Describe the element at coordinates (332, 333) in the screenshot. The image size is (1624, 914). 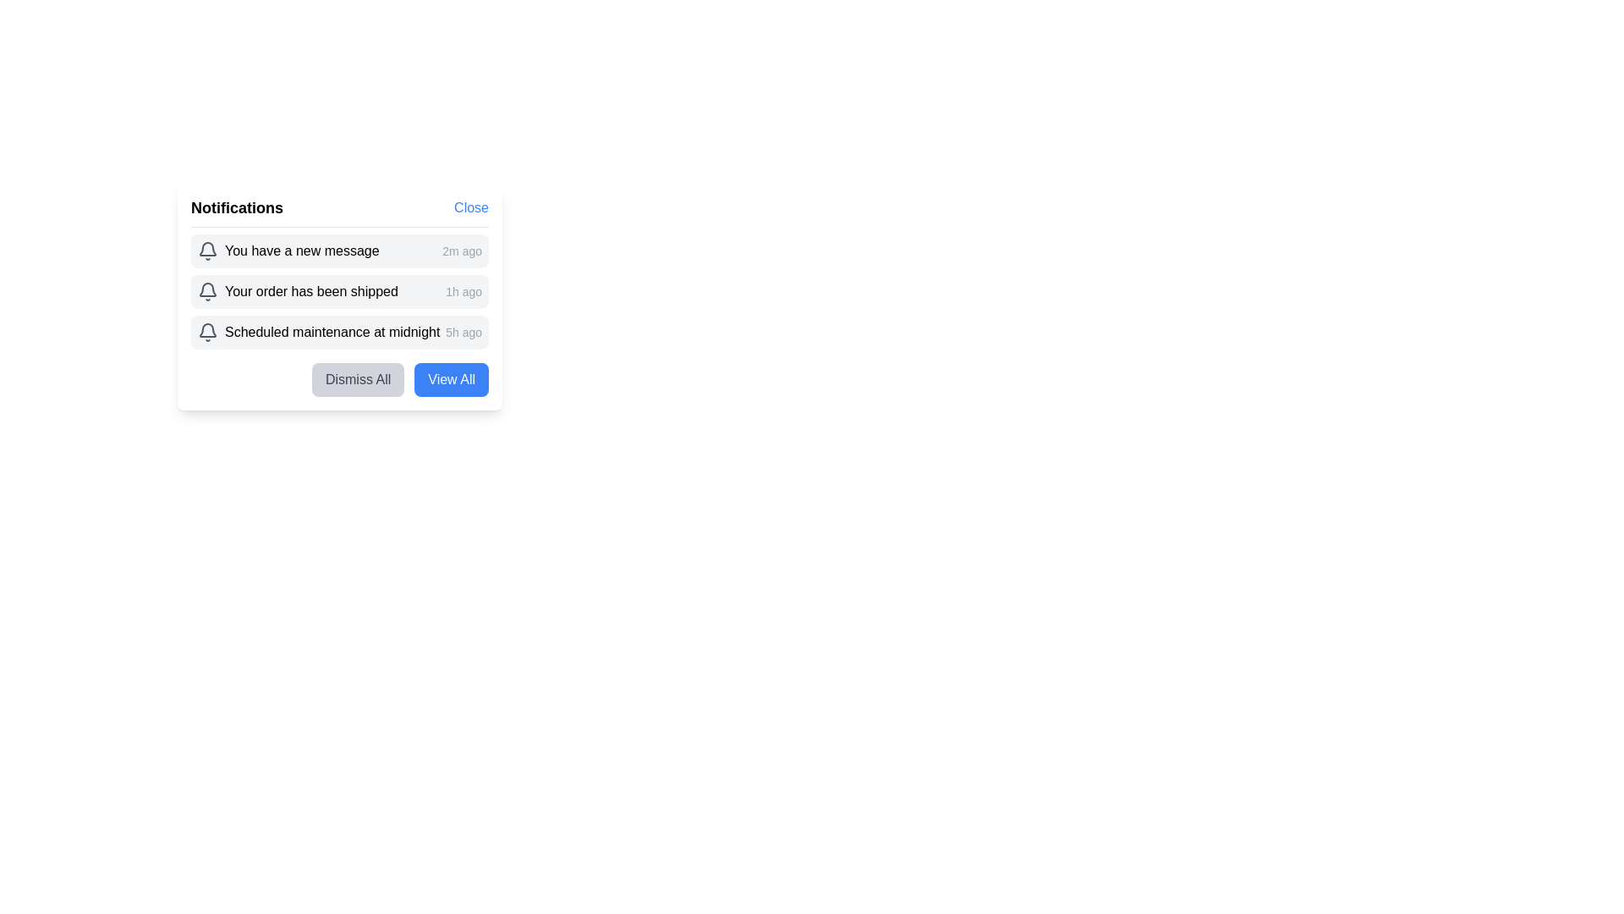
I see `the text element that provides information about a scheduled maintenance event, which is the third entry in the notifications list` at that location.